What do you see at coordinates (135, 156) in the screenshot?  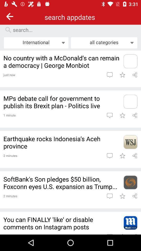 I see `share` at bounding box center [135, 156].